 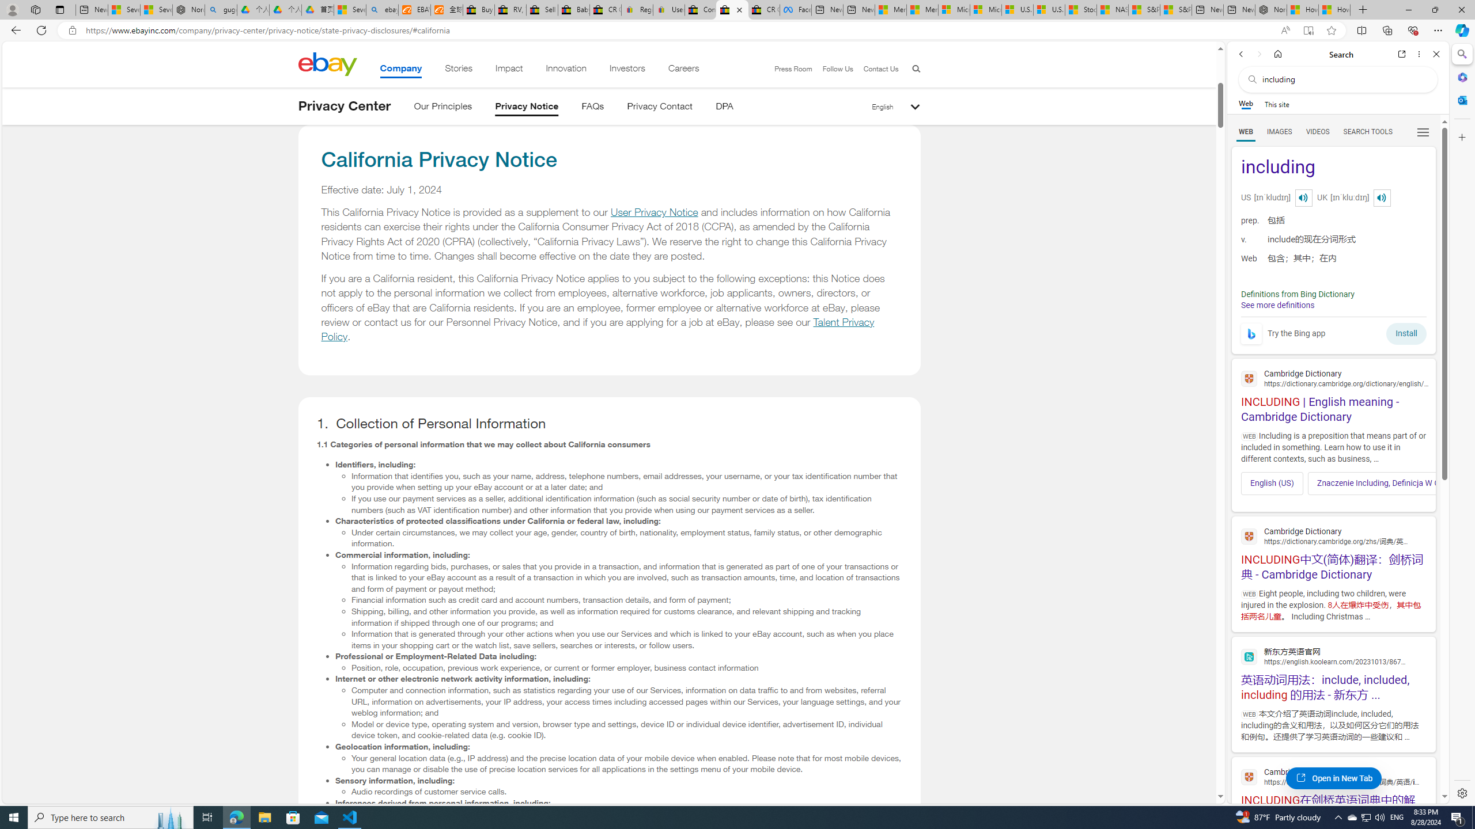 I want to click on 'Search the web', so click(x=1343, y=79).